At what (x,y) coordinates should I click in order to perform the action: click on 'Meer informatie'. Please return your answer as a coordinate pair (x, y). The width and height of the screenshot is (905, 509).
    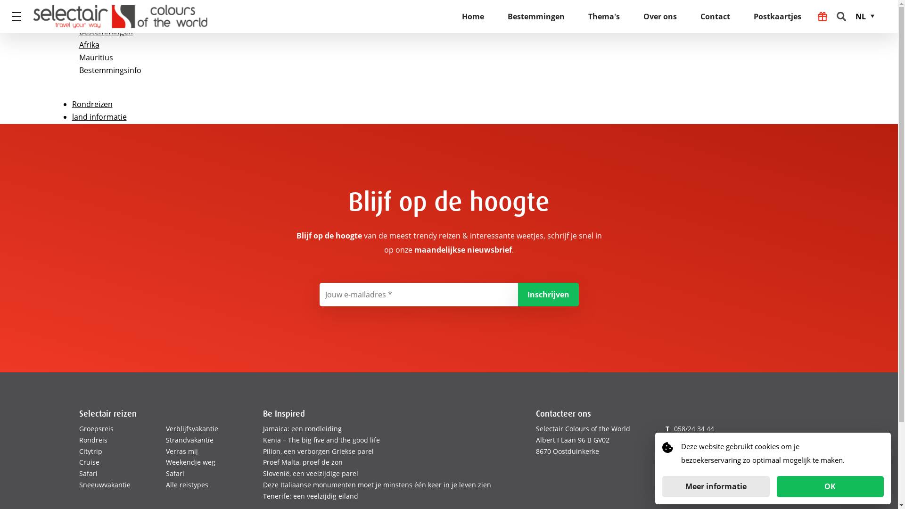
    Looking at the image, I should click on (662, 486).